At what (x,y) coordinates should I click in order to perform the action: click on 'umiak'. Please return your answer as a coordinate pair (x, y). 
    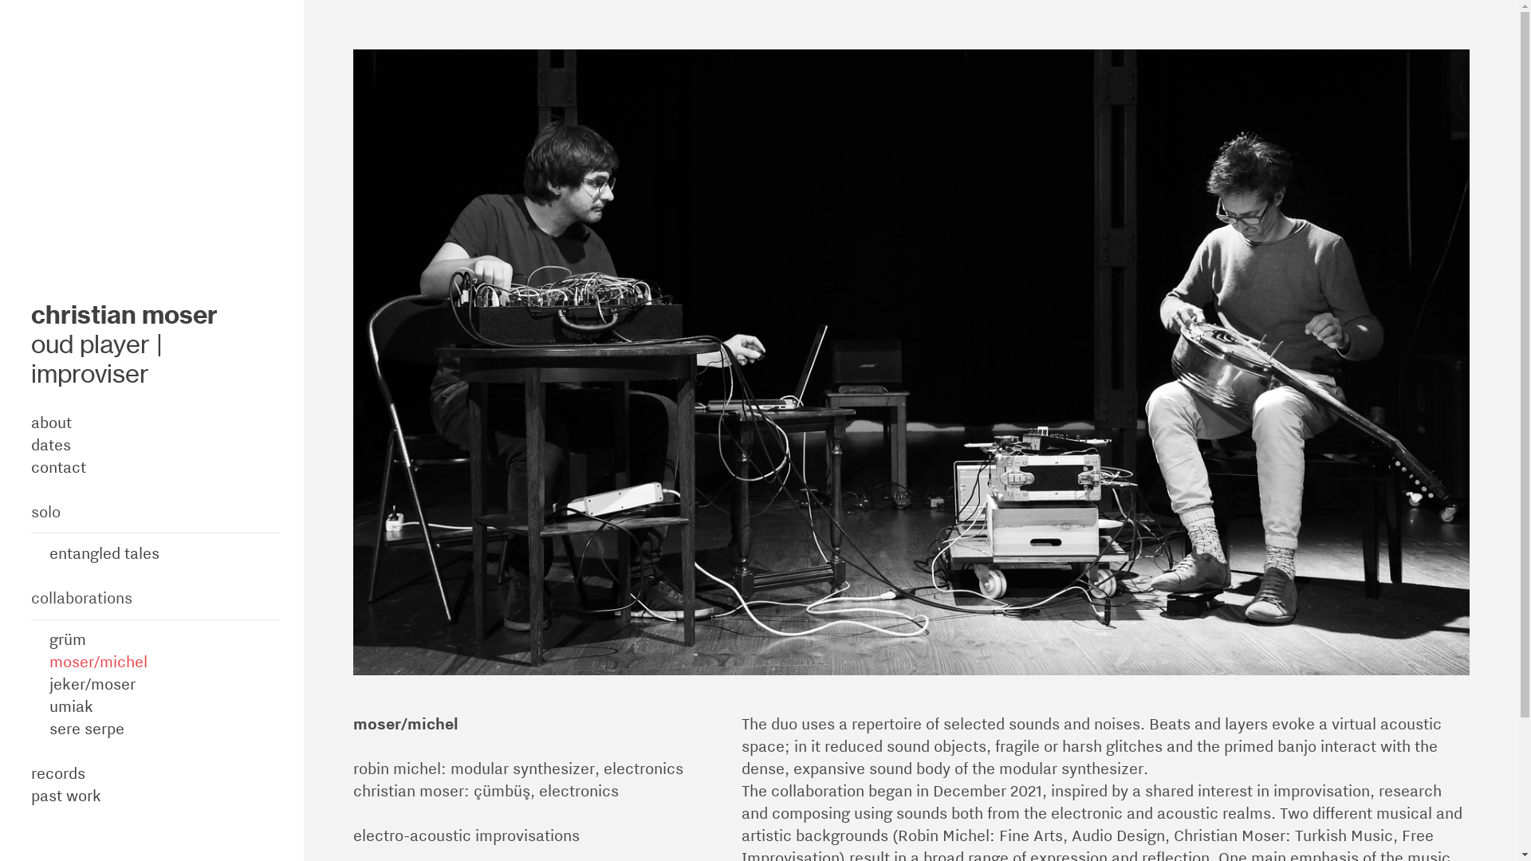
    Looking at the image, I should click on (70, 706).